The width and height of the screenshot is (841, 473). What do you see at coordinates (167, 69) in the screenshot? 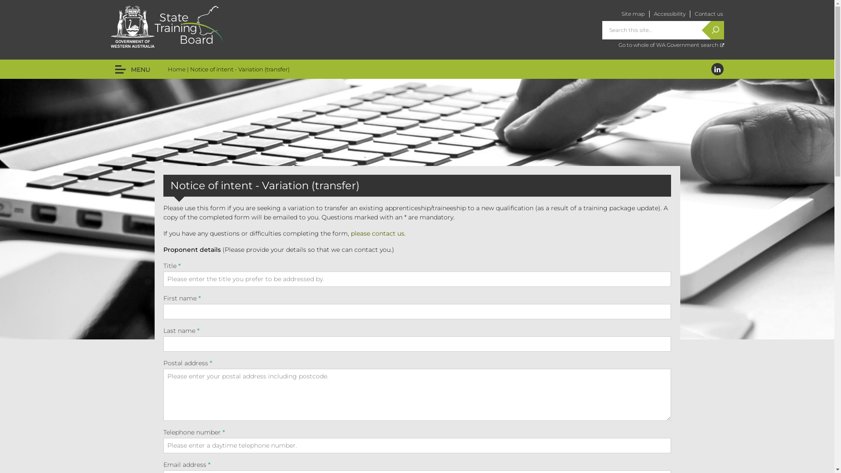
I see `'Home'` at bounding box center [167, 69].